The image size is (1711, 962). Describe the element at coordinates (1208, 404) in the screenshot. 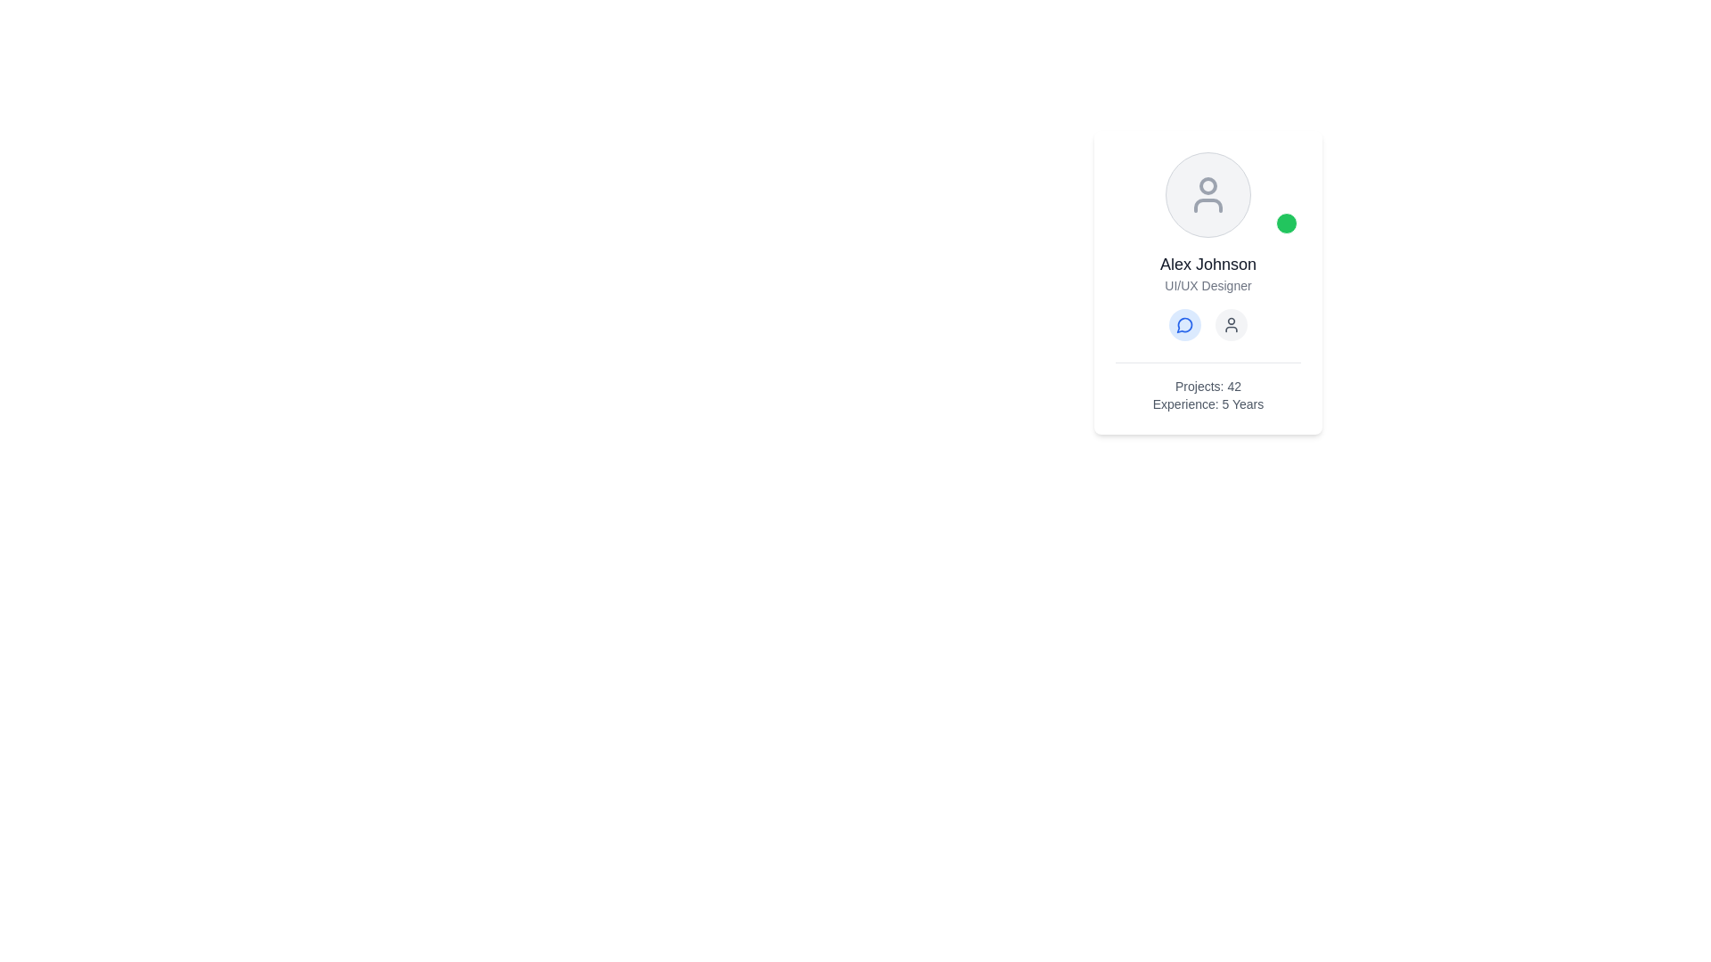

I see `the Text Label displaying the user's experience duration, which is located below the 'Projects: 42' text` at that location.